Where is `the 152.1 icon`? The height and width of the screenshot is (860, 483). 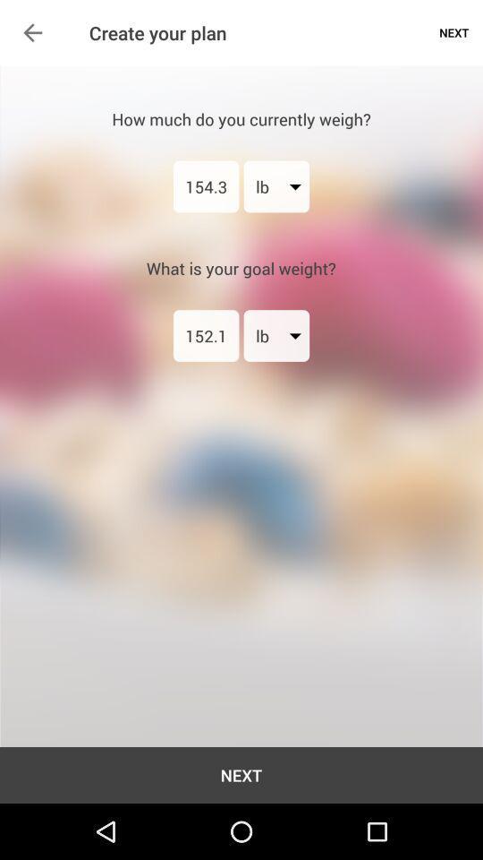
the 152.1 icon is located at coordinates (205, 334).